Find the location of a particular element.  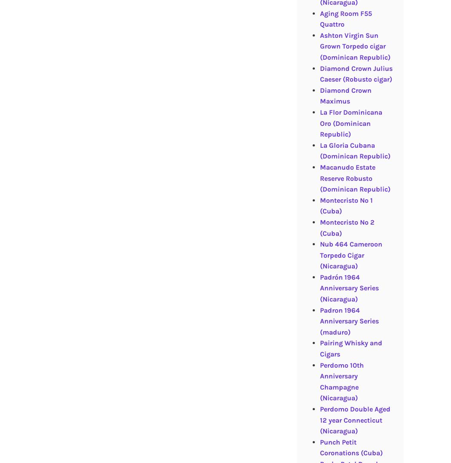

'Nub 464 Cameroon Torpedo Cigar (Nicaragua)' is located at coordinates (350, 255).